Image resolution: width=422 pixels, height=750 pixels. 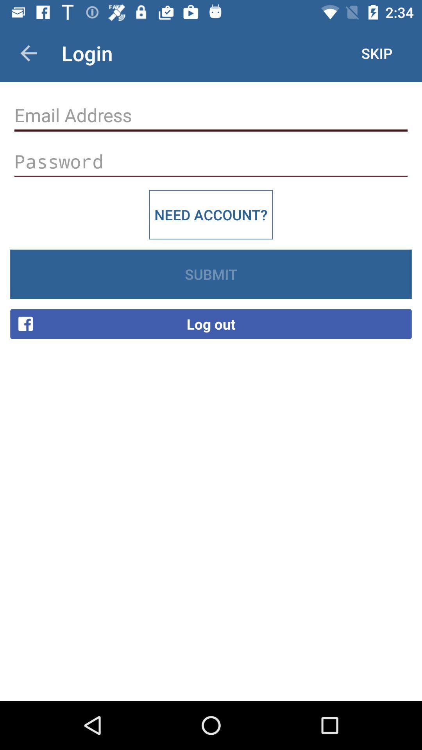 I want to click on type the email id, so click(x=211, y=115).